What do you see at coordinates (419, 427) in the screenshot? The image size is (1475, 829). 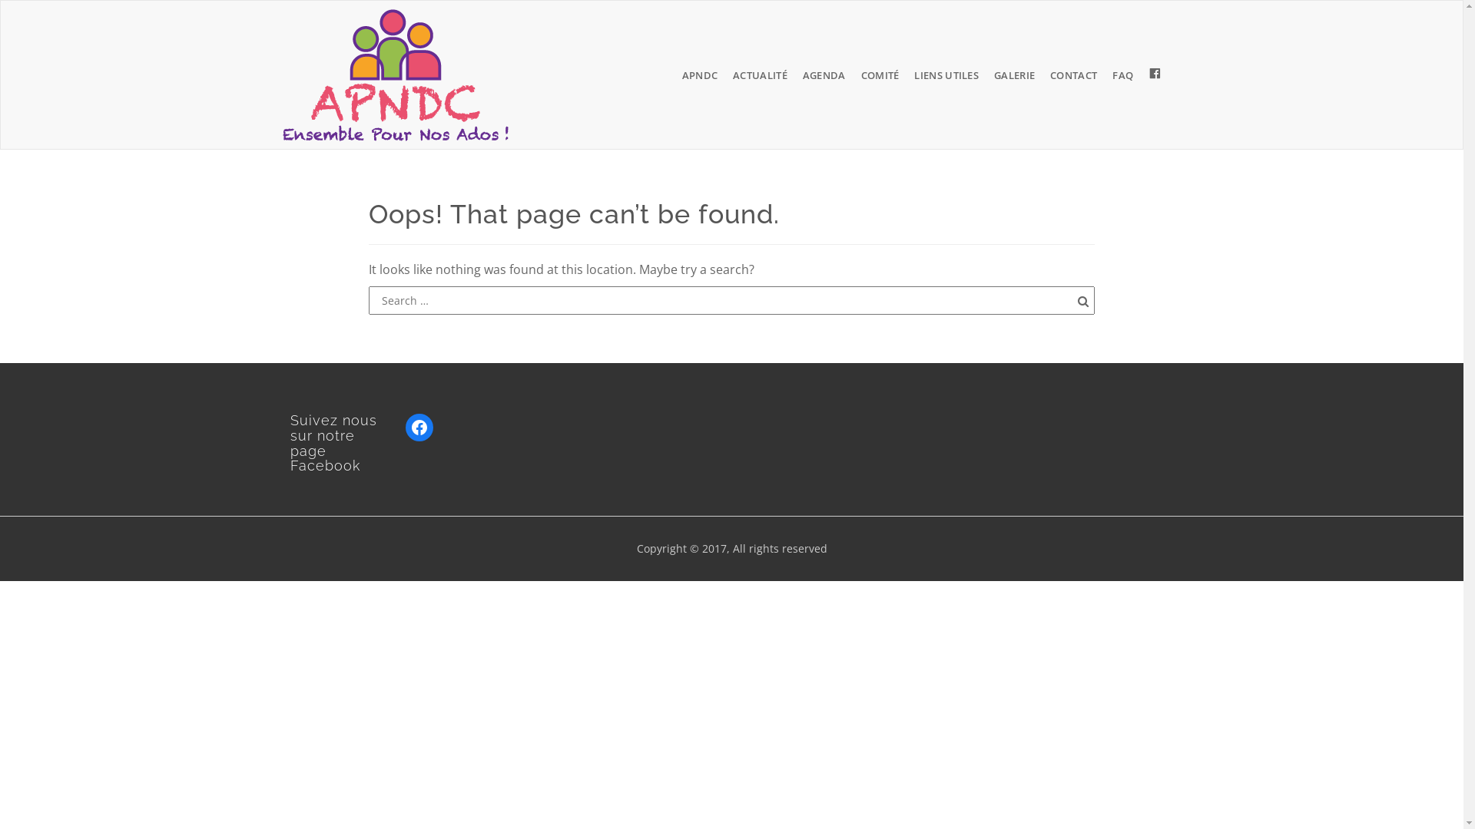 I see `'Facebook'` at bounding box center [419, 427].